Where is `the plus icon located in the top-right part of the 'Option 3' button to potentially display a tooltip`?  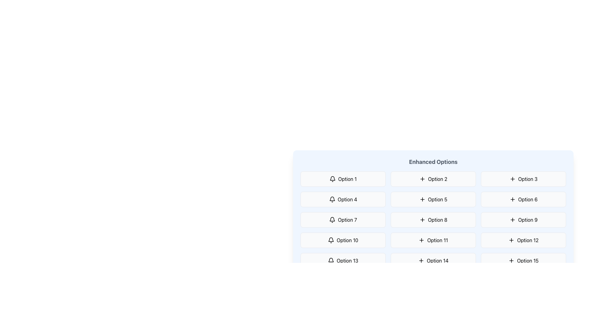
the plus icon located in the top-right part of the 'Option 3' button to potentially display a tooltip is located at coordinates (512, 179).